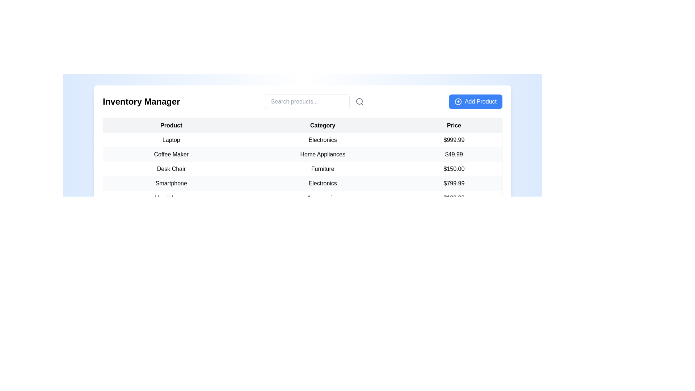  What do you see at coordinates (322, 140) in the screenshot?
I see `the text cell labeled 'Electronics', which is the second cell in the first row of the table, positioned between 'Laptop' and '$999.99'` at bounding box center [322, 140].